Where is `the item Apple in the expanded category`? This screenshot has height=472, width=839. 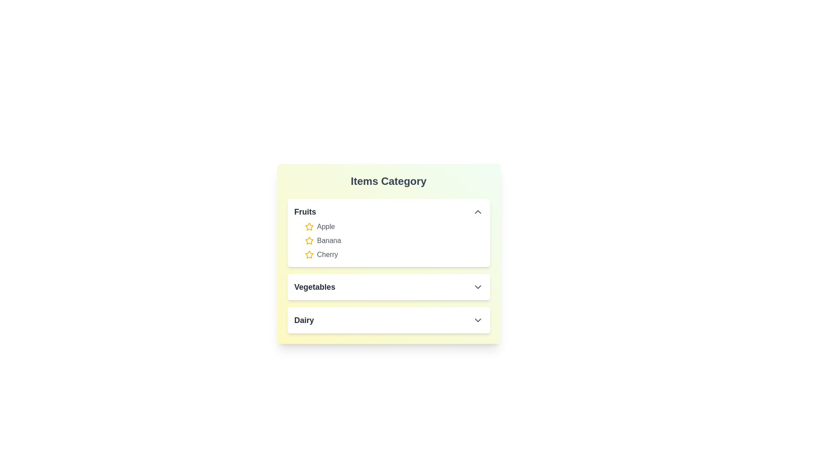
the item Apple in the expanded category is located at coordinates (325, 226).